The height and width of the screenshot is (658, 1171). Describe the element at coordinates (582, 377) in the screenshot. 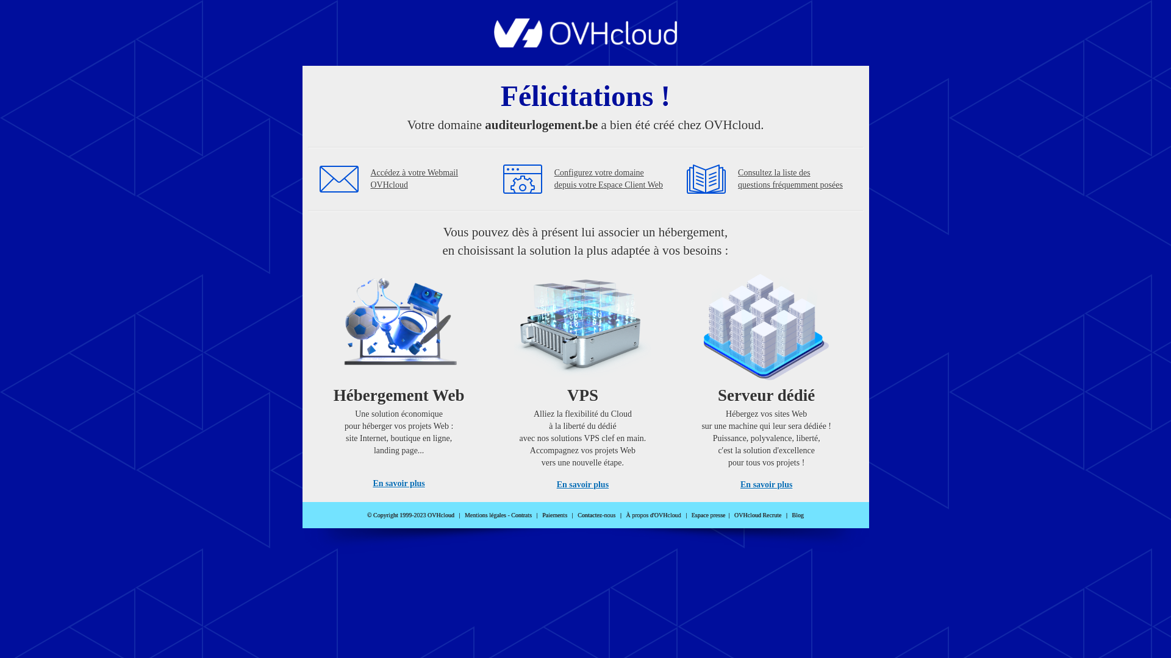

I see `'VPS'` at that location.